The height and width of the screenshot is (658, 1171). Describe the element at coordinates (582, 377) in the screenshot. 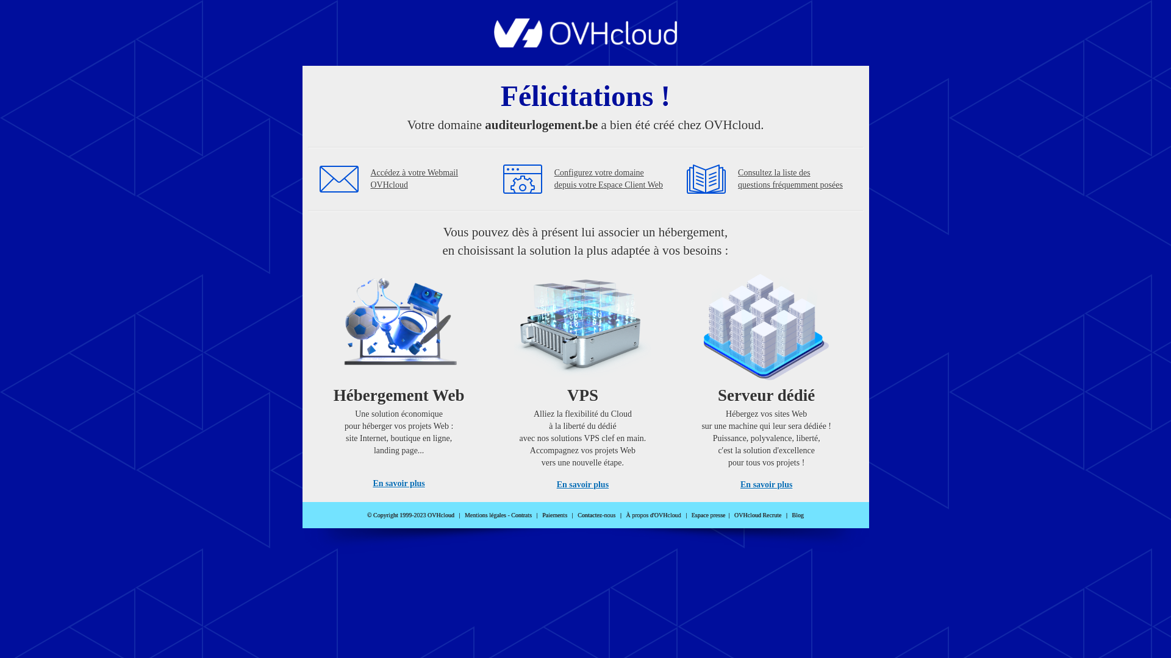

I see `'VPS'` at that location.